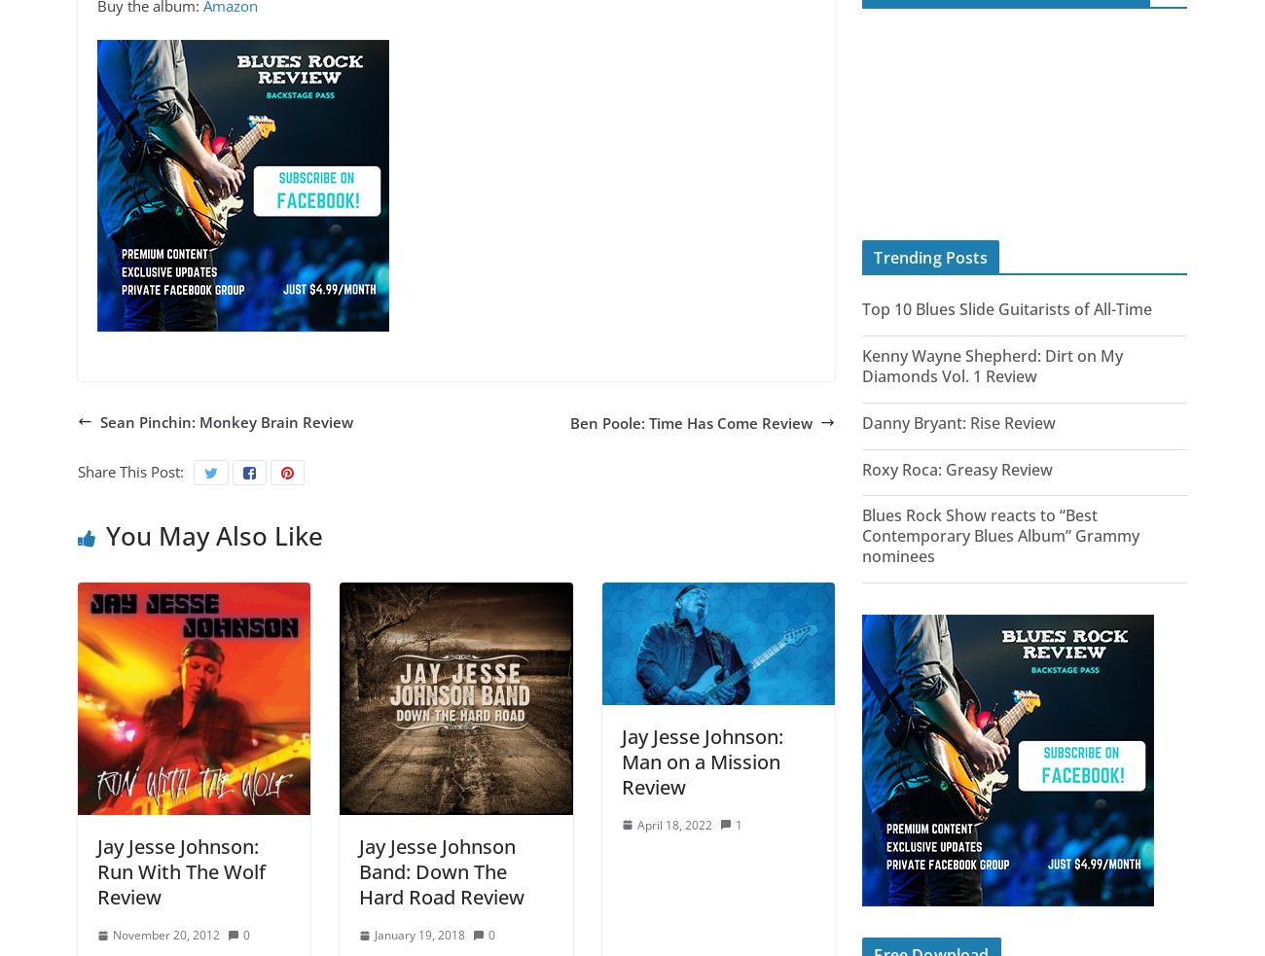  I want to click on 'Trending Posts', so click(930, 257).